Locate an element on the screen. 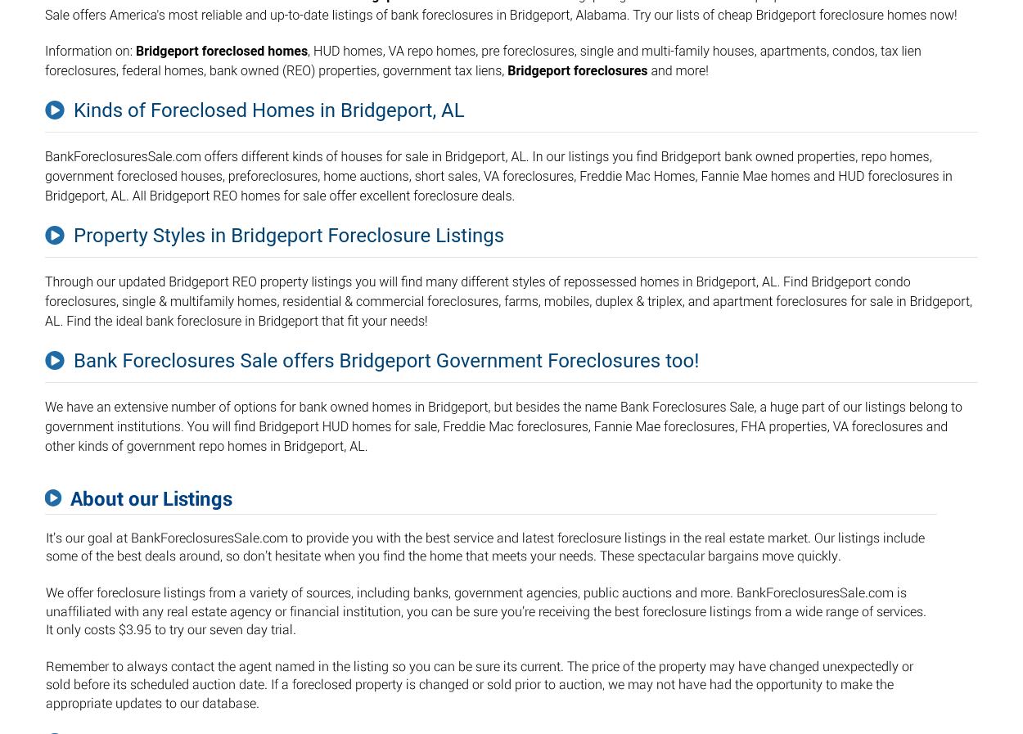 Image resolution: width=1023 pixels, height=734 pixels. 'Bridgeport foreclosed homes' is located at coordinates (135, 50).